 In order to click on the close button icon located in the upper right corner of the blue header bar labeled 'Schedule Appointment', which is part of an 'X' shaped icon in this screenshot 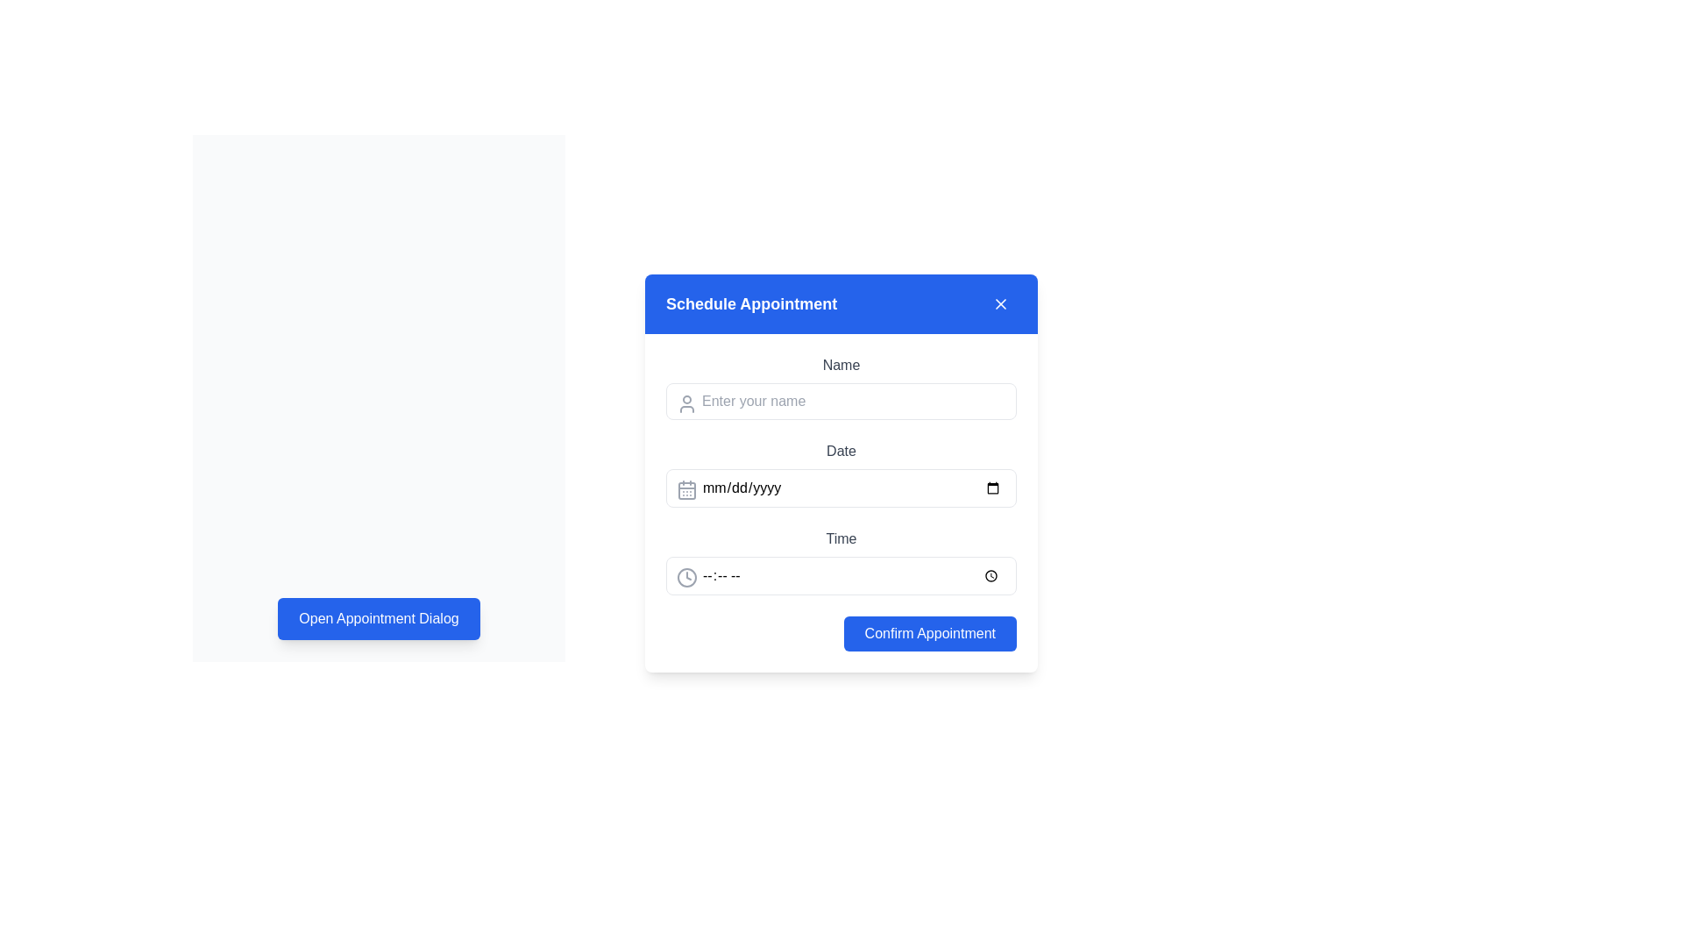, I will do `click(1001, 303)`.